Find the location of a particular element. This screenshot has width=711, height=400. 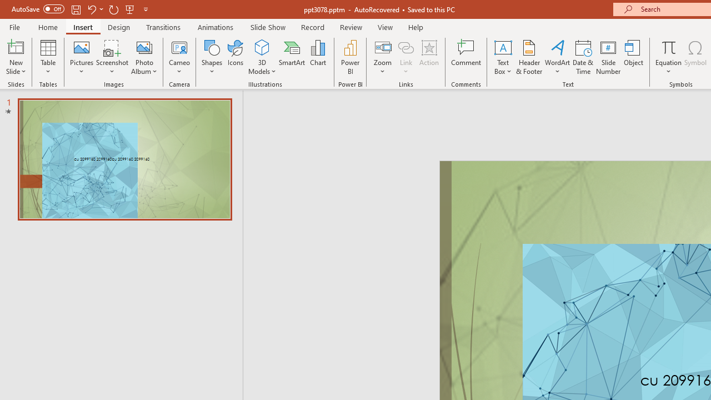

'Chart...' is located at coordinates (317, 57).